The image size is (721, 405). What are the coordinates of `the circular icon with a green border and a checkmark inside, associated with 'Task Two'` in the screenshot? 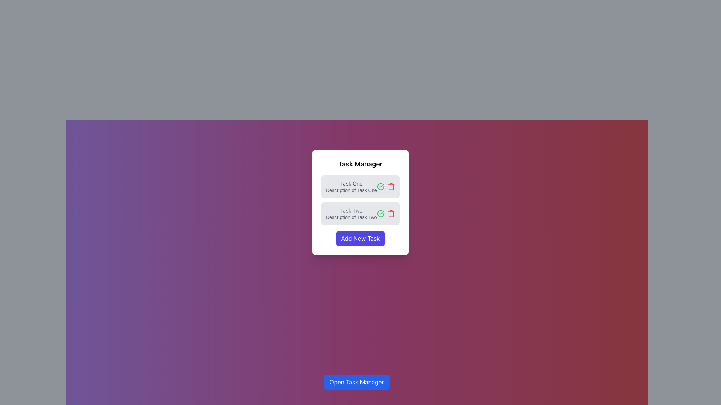 It's located at (380, 186).